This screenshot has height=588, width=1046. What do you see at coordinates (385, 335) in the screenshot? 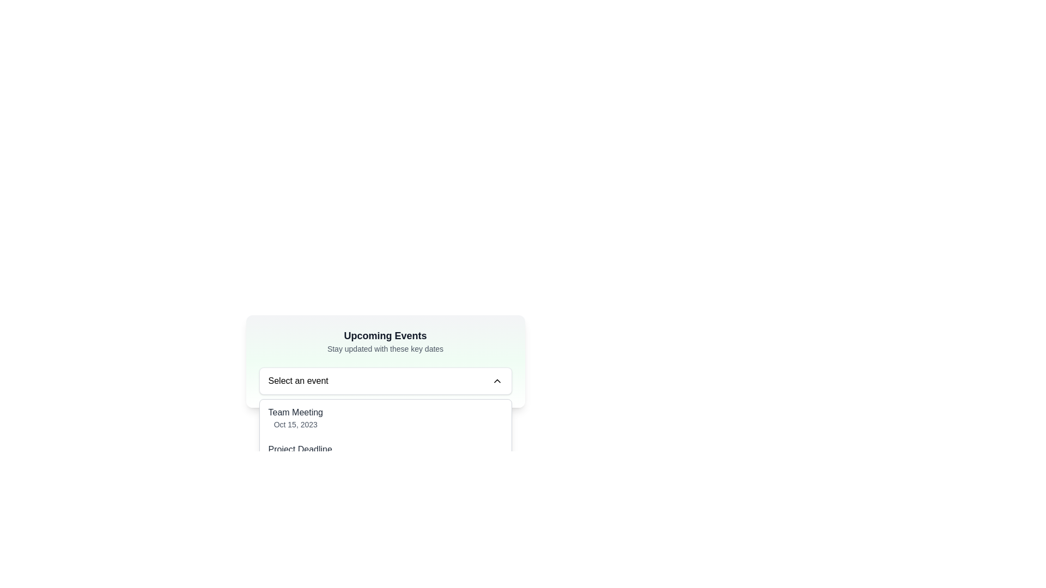
I see `the heading styled with bold, large-sized text that reads 'Upcoming Events', which is centered above the description text in a dark gray color` at bounding box center [385, 335].